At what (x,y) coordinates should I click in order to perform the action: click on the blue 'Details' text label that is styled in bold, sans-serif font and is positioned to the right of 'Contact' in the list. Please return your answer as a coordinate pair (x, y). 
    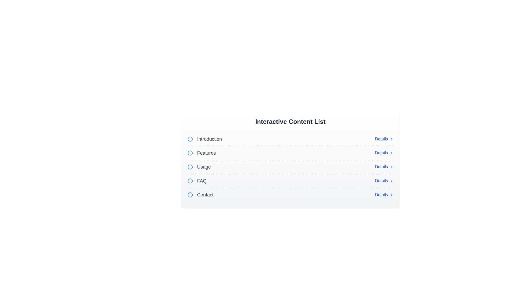
    Looking at the image, I should click on (381, 195).